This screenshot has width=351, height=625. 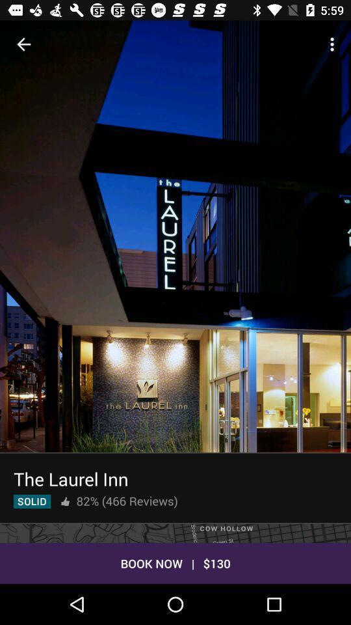 What do you see at coordinates (127, 500) in the screenshot?
I see `the 82% (466 reviews) icon` at bounding box center [127, 500].